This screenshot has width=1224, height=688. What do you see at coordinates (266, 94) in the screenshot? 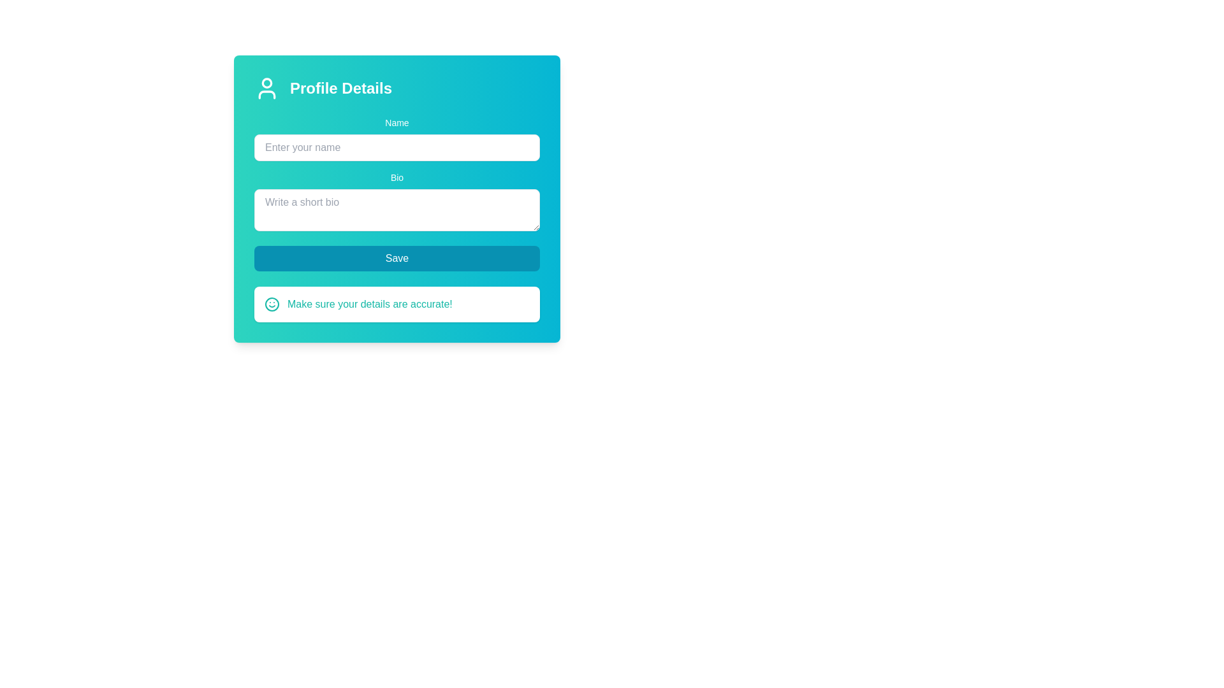
I see `the decorative user icon's shoulders and chest outline, which is part of the user profile icon section in the 'Profile Details' modal window` at bounding box center [266, 94].